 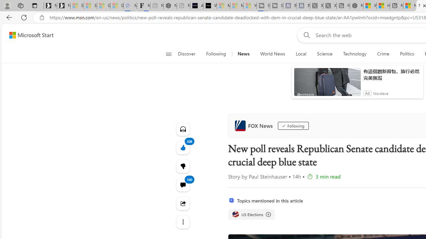 What do you see at coordinates (196, 6) in the screenshot?
I see `'AI Voice Changer for PC and Mac - Voice.ai'` at bounding box center [196, 6].